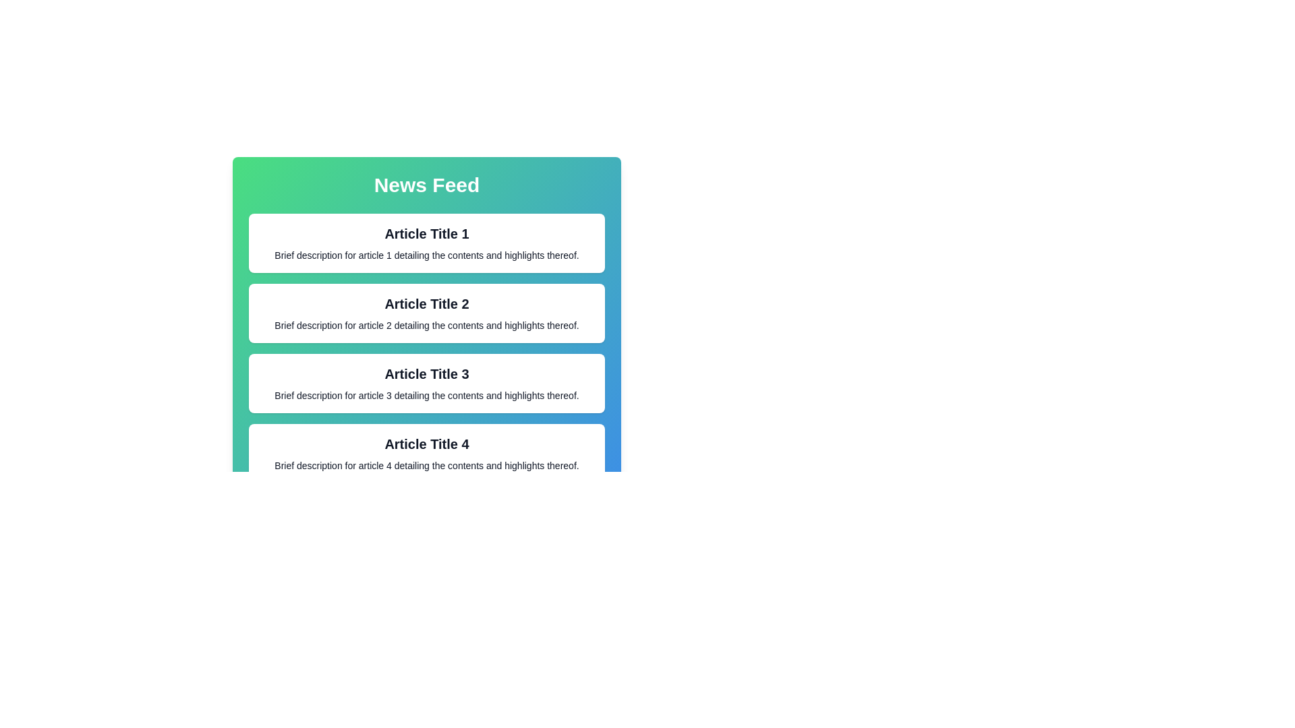  I want to click on the first card in the News Feed section, so click(426, 243).